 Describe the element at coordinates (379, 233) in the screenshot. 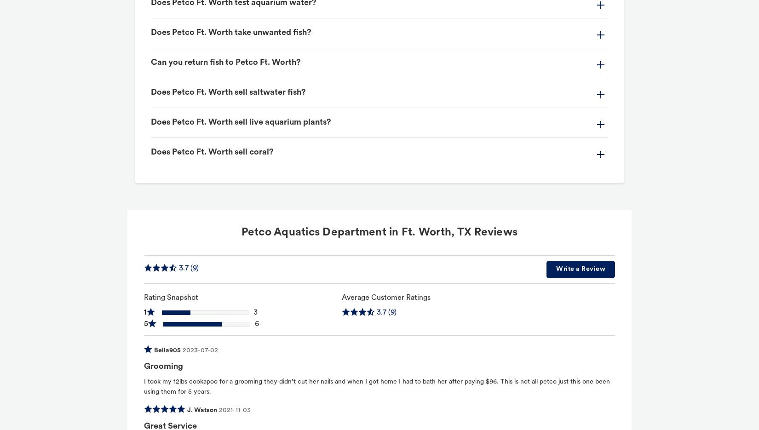

I see `'Petco Aquatics Department in Ft. Worth, TX Reviews'` at that location.